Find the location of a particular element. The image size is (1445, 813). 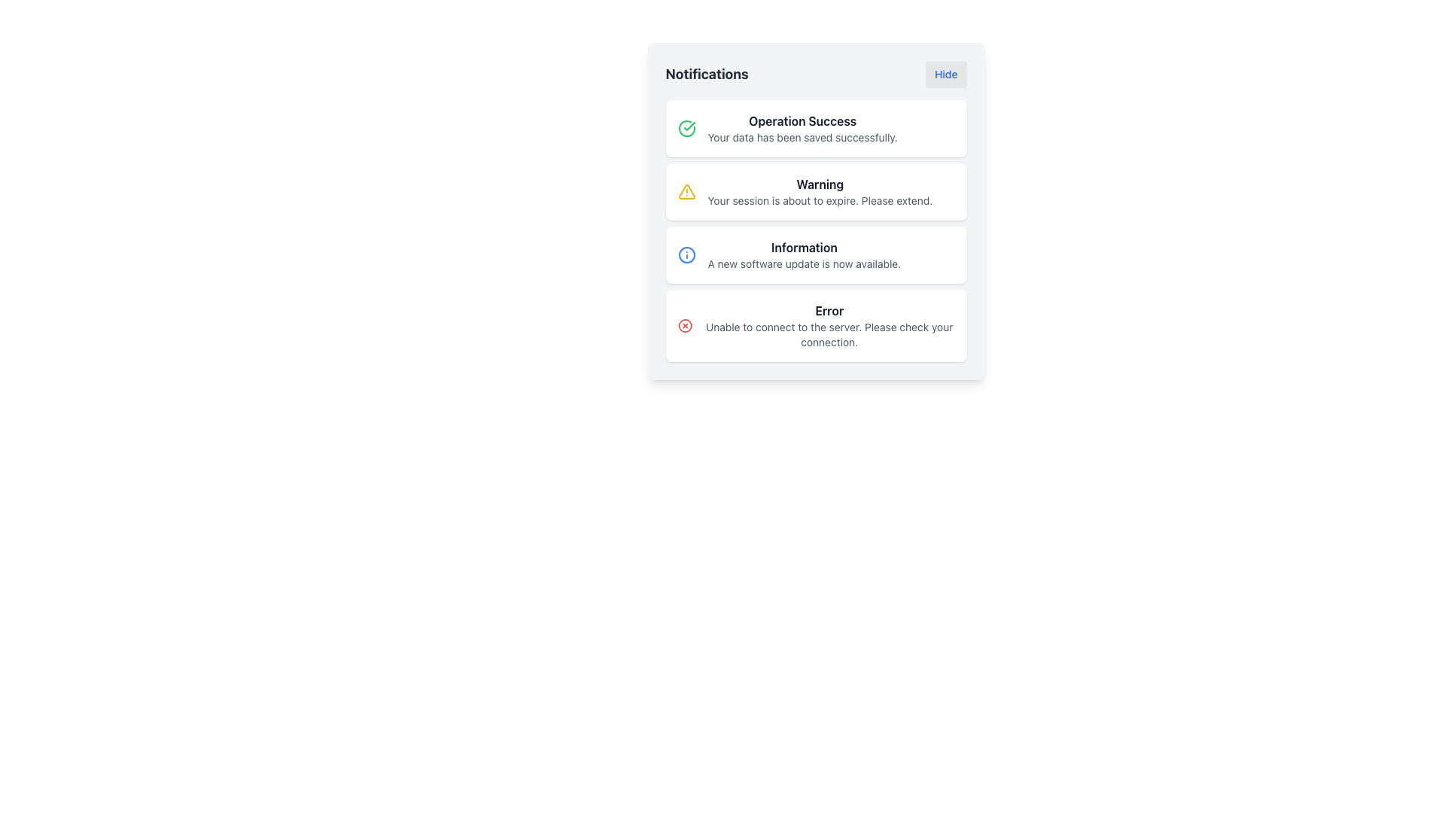

the green checkmark icon indicating success located to the left of the 'Operation Success' label in the notifications modal is located at coordinates (689, 126).